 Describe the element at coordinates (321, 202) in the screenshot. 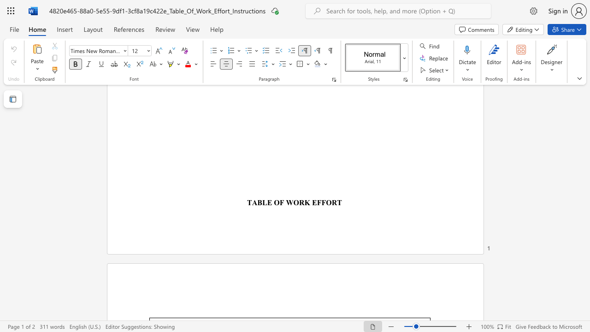

I see `the subset text "FO" within the text "TABLE OF WORK EFFORT"` at that location.